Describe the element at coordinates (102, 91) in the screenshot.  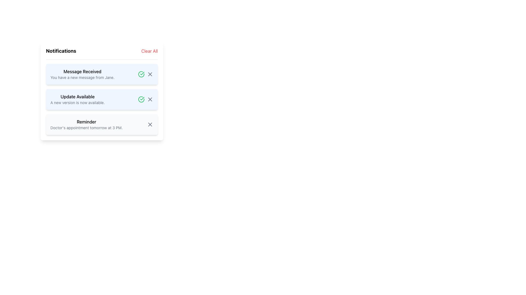
I see `the 'Update Available' notification card which is the second item in the group of notifications, located below the 'Message Received' card and above the 'Reminder' card, for further details` at that location.